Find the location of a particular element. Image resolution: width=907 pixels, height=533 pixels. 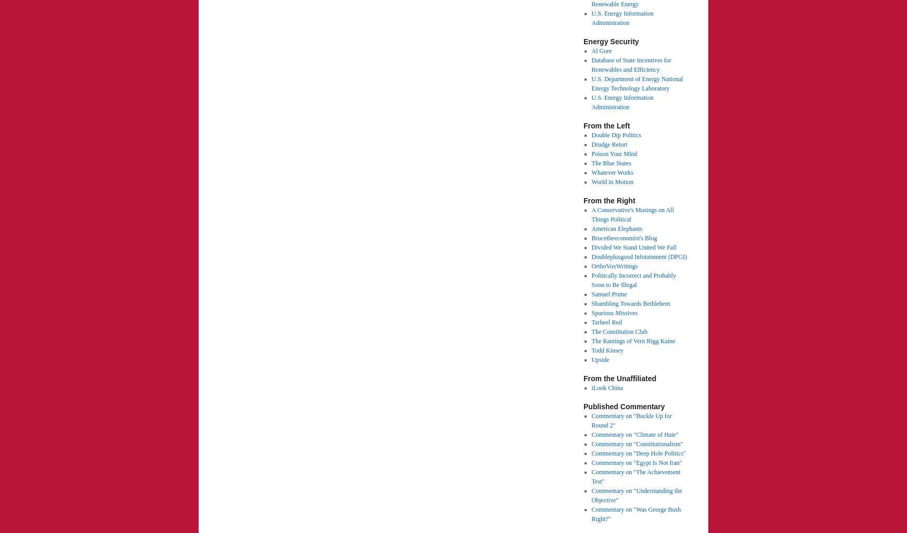

'Published Commentary' is located at coordinates (624, 406).